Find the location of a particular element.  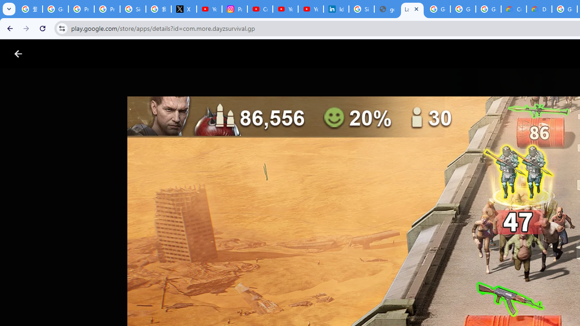

'Privacy Help Center - Policies Help' is located at coordinates (81, 9).